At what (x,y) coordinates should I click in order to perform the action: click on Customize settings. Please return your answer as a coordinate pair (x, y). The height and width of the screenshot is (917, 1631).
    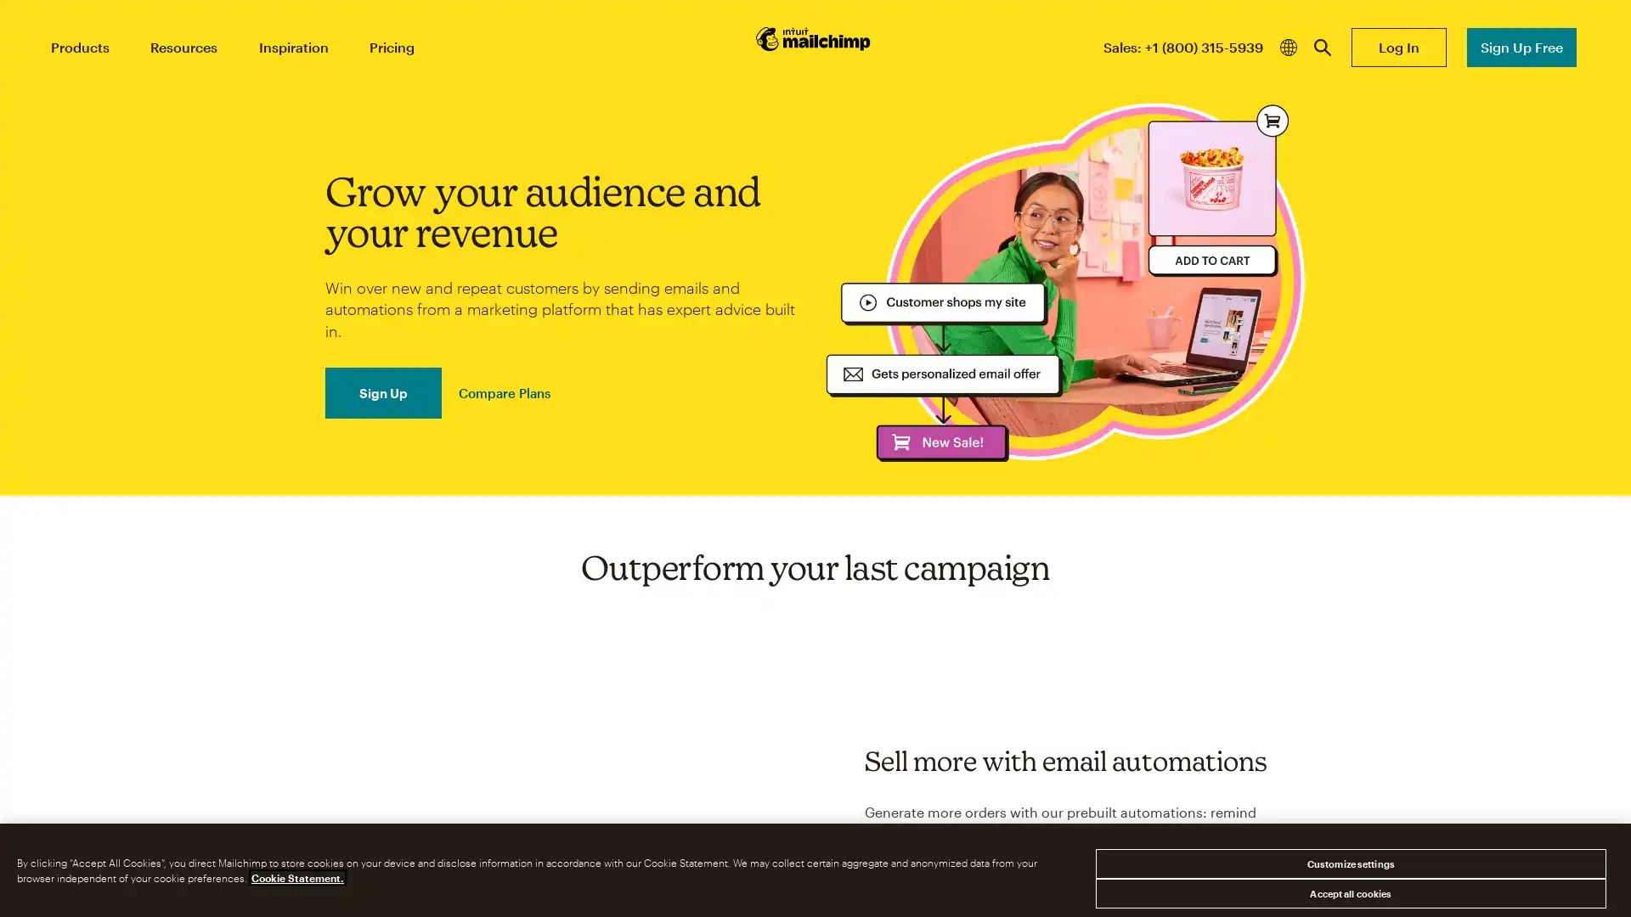
    Looking at the image, I should click on (1349, 864).